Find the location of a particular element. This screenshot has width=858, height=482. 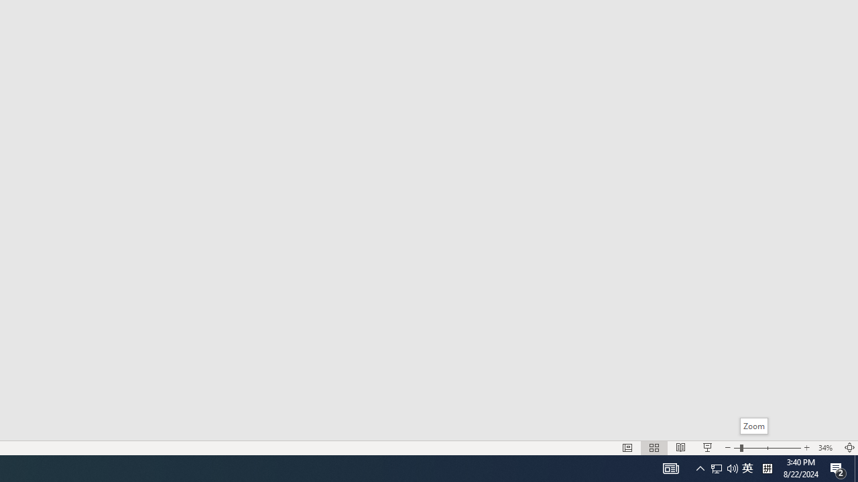

'Zoom 34%' is located at coordinates (826, 448).